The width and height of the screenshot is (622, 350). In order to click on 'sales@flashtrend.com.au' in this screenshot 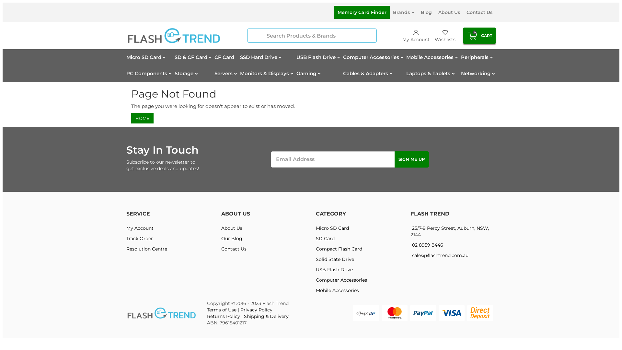, I will do `click(453, 255)`.